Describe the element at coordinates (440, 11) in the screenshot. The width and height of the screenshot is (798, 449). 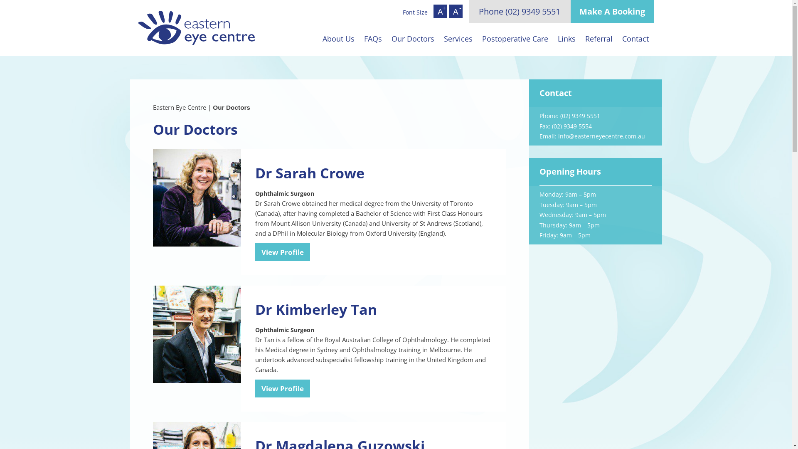
I see `'A` at that location.